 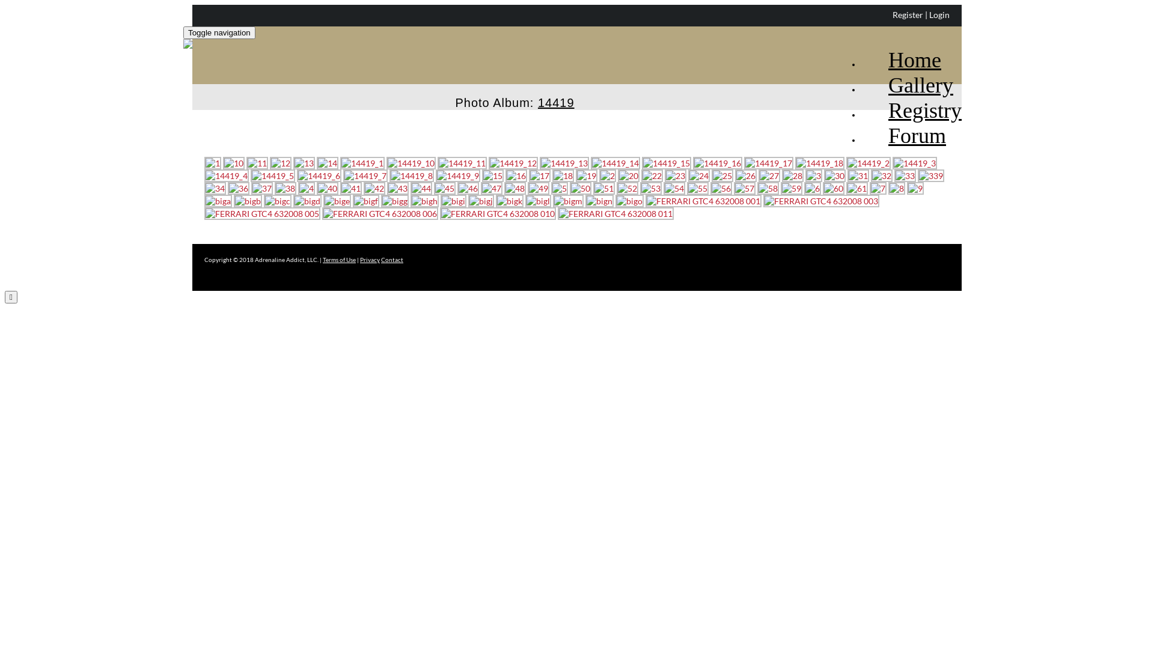 I want to click on '12 (click to enlarge)', so click(x=279, y=163).